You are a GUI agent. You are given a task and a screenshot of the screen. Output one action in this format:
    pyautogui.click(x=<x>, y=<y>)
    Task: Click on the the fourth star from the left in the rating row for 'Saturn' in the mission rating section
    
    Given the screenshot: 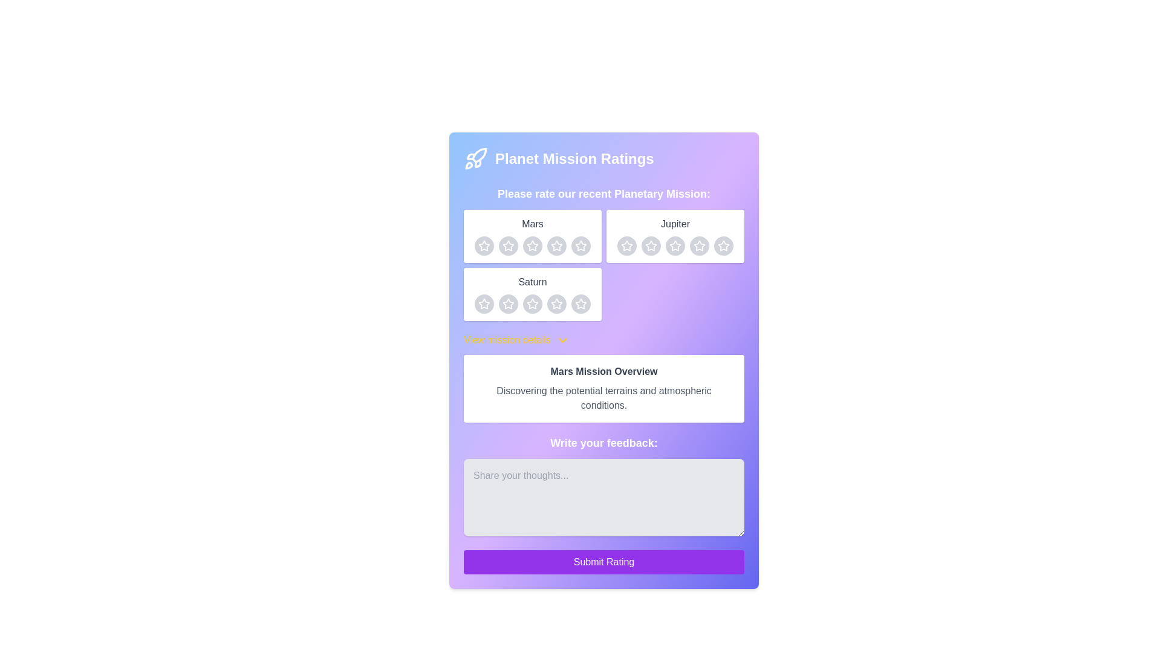 What is the action you would take?
    pyautogui.click(x=532, y=303)
    